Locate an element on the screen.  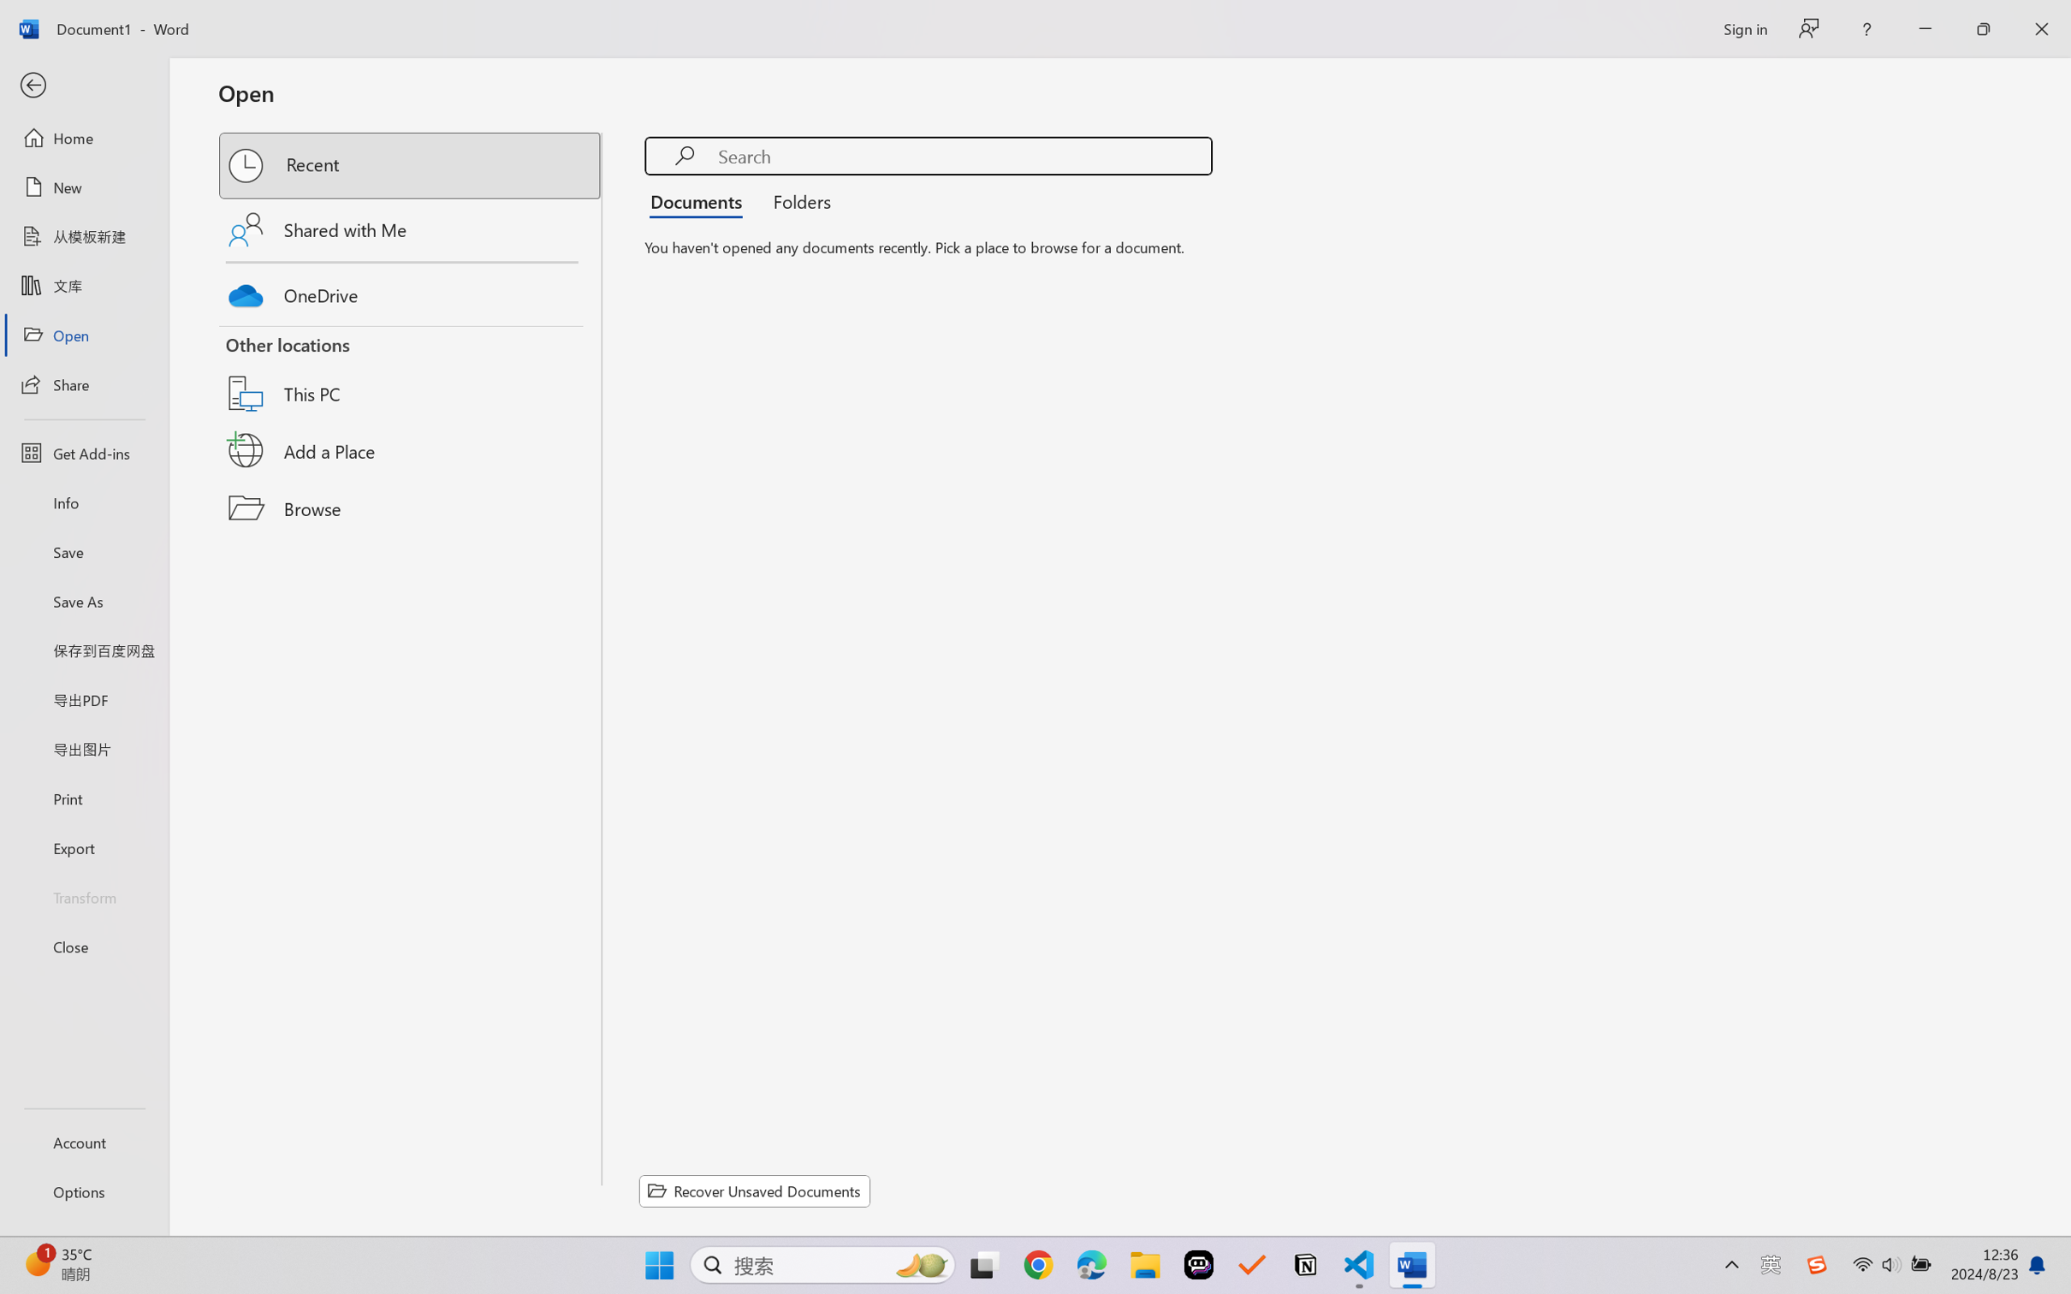
'Export' is located at coordinates (83, 846).